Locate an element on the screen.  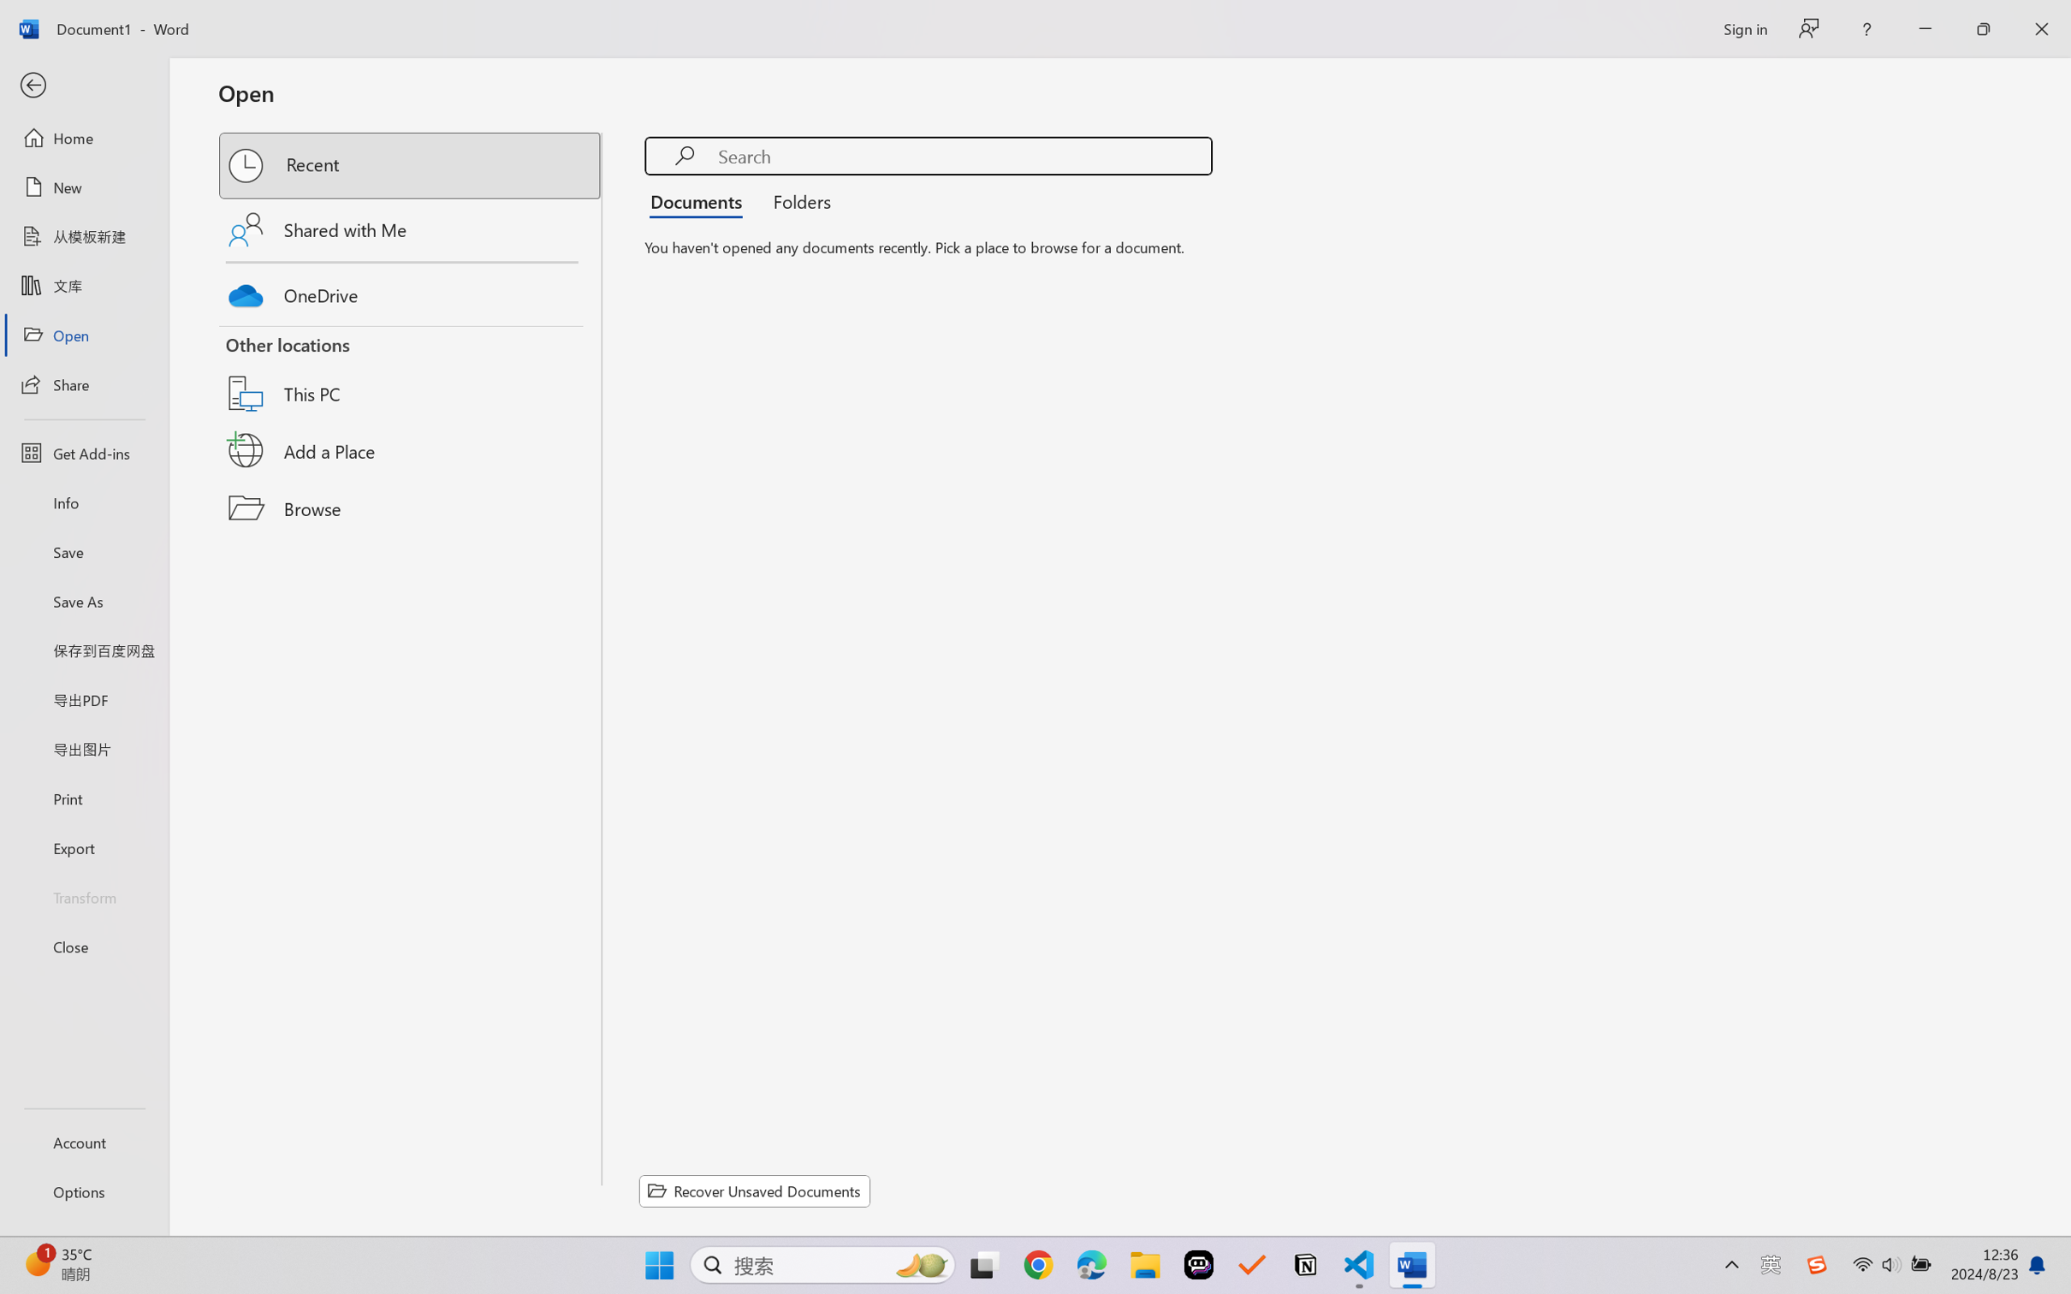
'Export' is located at coordinates (83, 846).